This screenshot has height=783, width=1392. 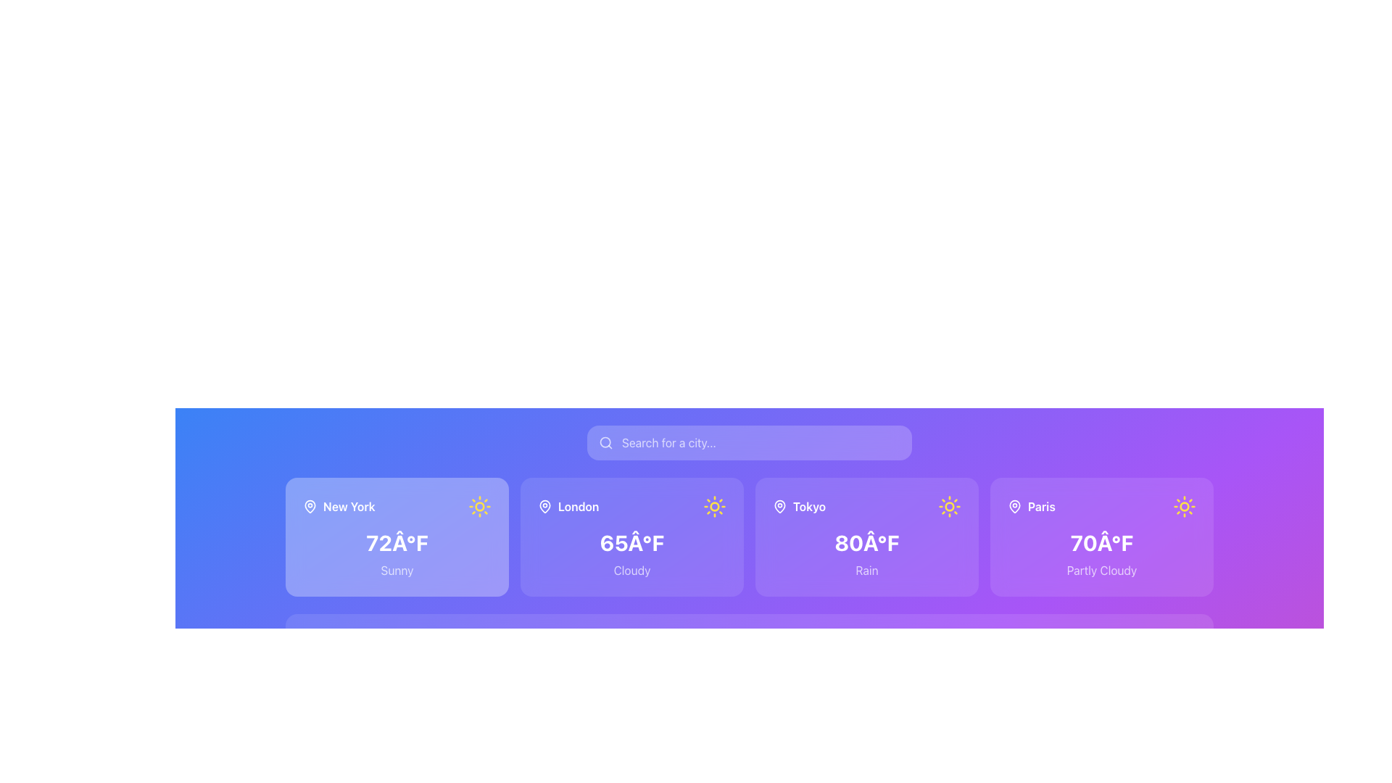 I want to click on the temperature display element that shows the current temperature for 'New York' within the weather card, so click(x=397, y=542).